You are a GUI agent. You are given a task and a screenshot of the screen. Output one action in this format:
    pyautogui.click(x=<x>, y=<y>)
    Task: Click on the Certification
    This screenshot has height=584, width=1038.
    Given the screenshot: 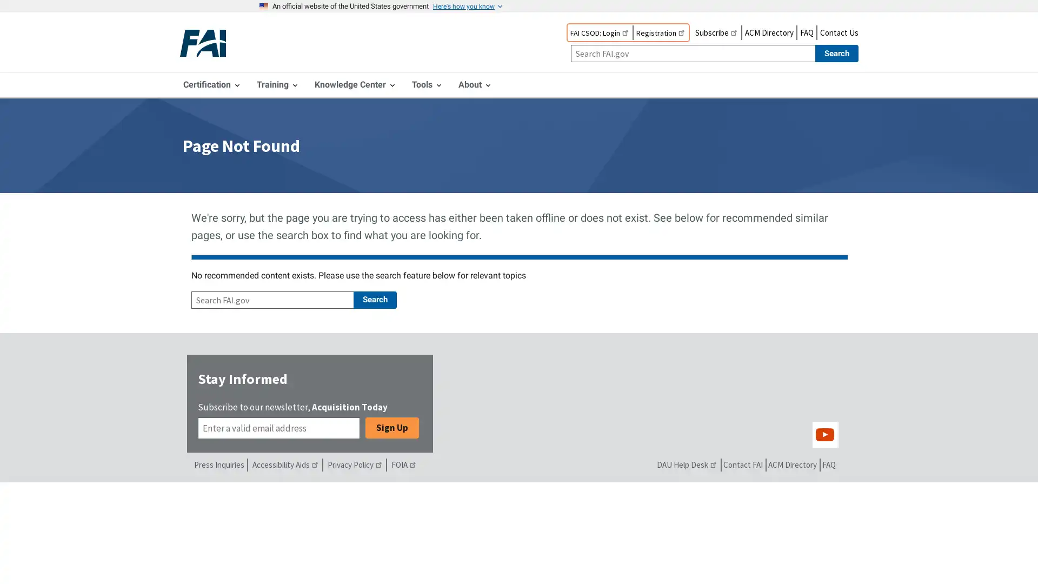 What is the action you would take?
    pyautogui.click(x=210, y=84)
    